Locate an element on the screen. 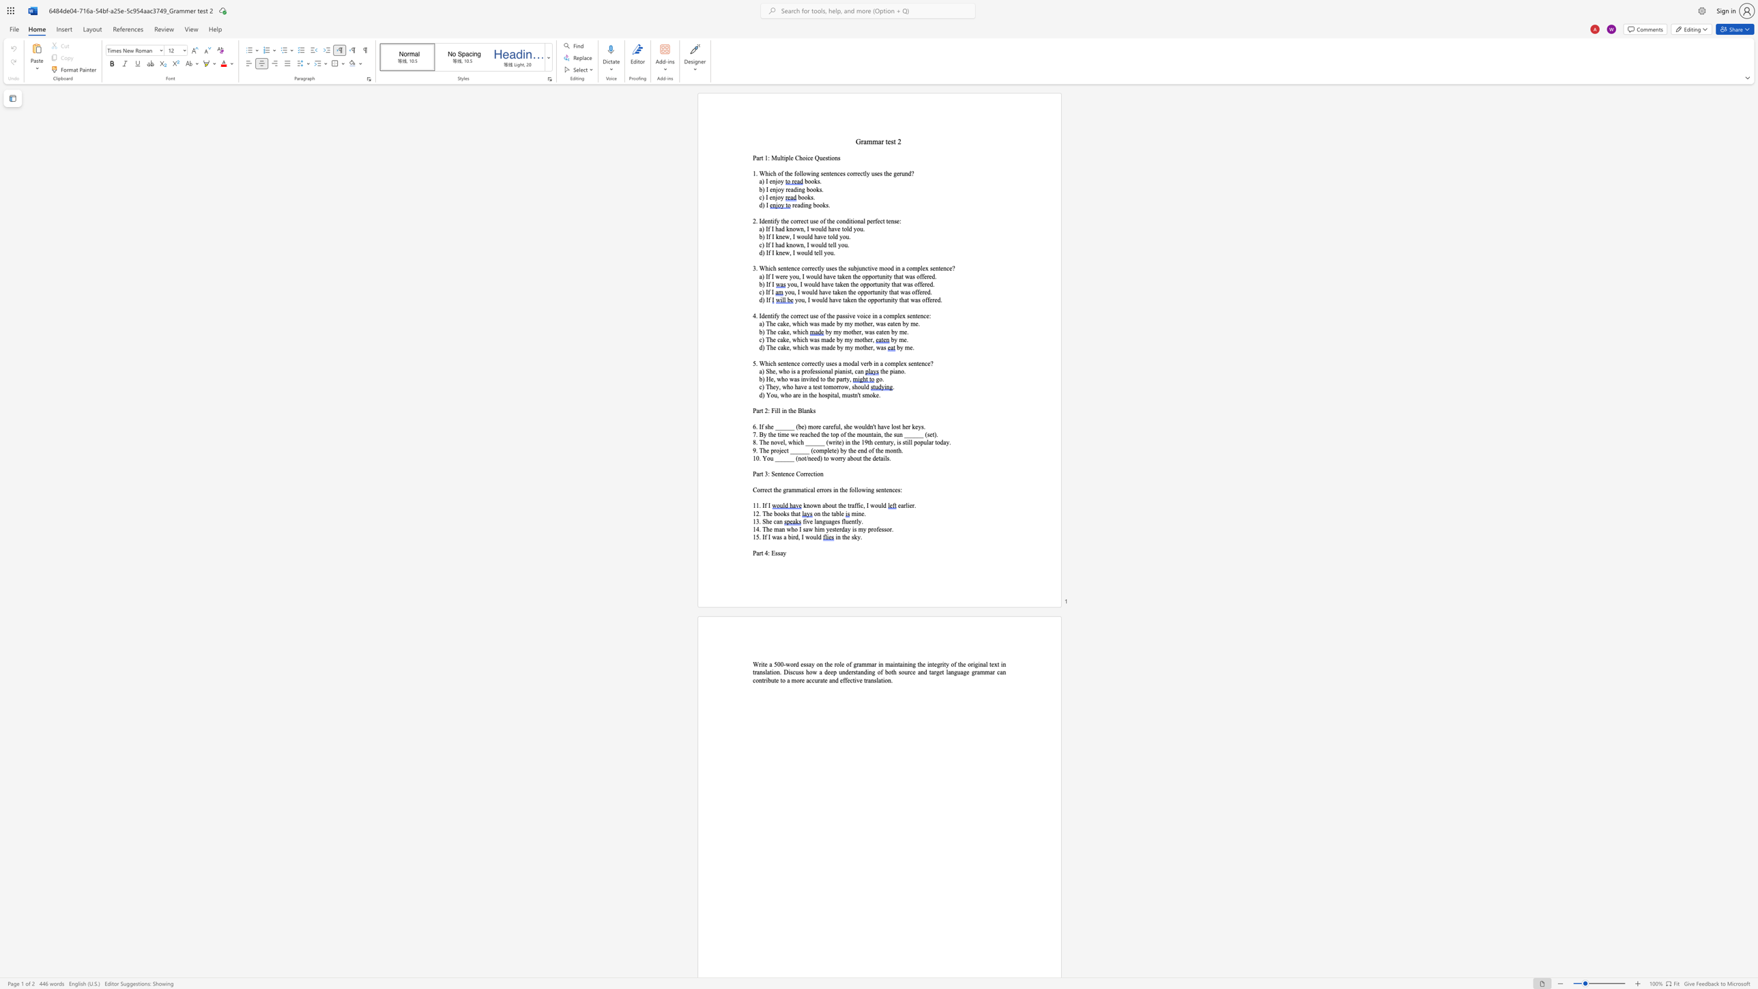 This screenshot has height=989, width=1758. the subset text "I would have taken the opportunity" within the text "you, I would have taken the opportunity that was offered." is located at coordinates (807, 300).